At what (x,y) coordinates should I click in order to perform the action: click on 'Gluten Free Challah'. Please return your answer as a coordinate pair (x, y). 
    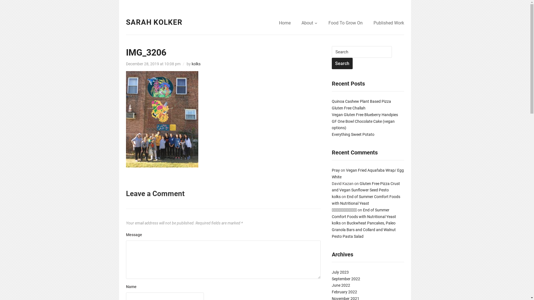
    Looking at the image, I should click on (348, 108).